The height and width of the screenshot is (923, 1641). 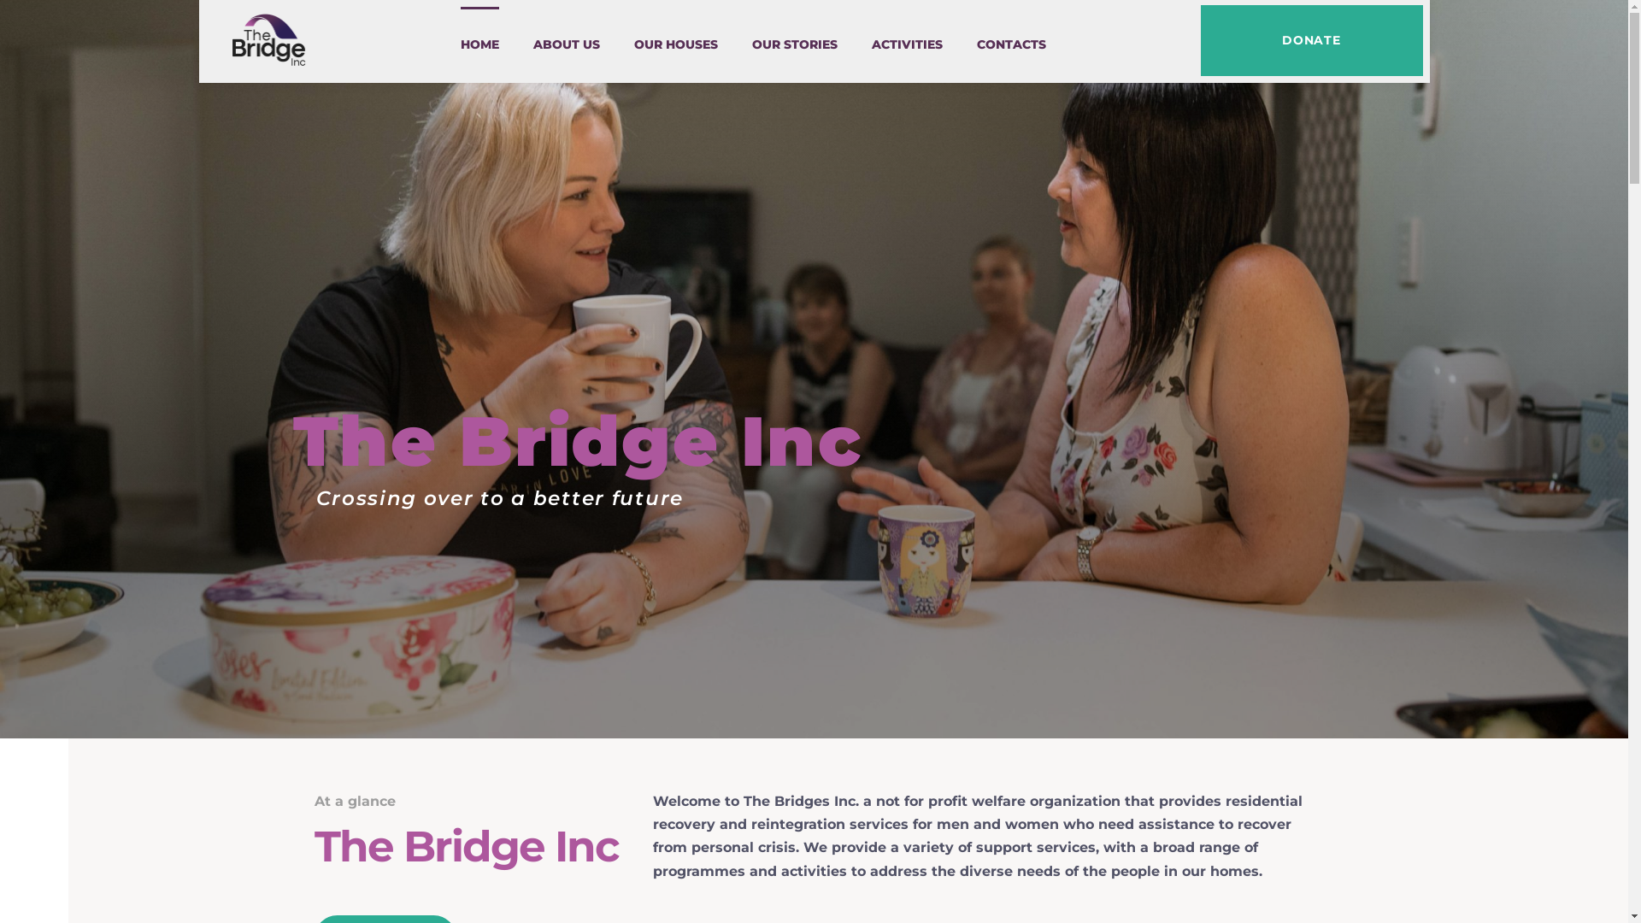 I want to click on 'ABOUT US', so click(x=532, y=44).